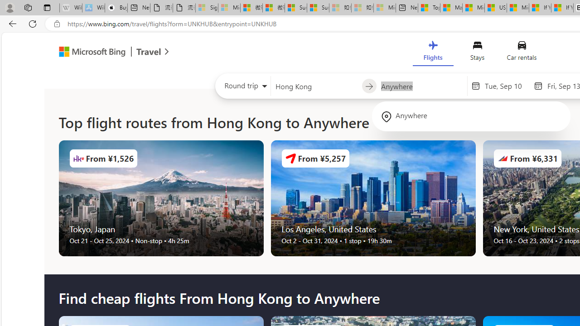  What do you see at coordinates (522, 53) in the screenshot?
I see `'Car rentals'` at bounding box center [522, 53].